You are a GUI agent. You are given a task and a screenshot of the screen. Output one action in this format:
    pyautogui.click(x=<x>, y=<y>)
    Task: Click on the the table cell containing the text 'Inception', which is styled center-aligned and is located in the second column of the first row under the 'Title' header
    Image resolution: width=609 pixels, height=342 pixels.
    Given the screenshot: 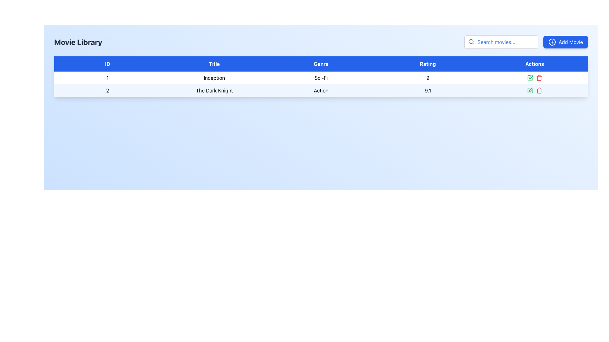 What is the action you would take?
    pyautogui.click(x=214, y=78)
    